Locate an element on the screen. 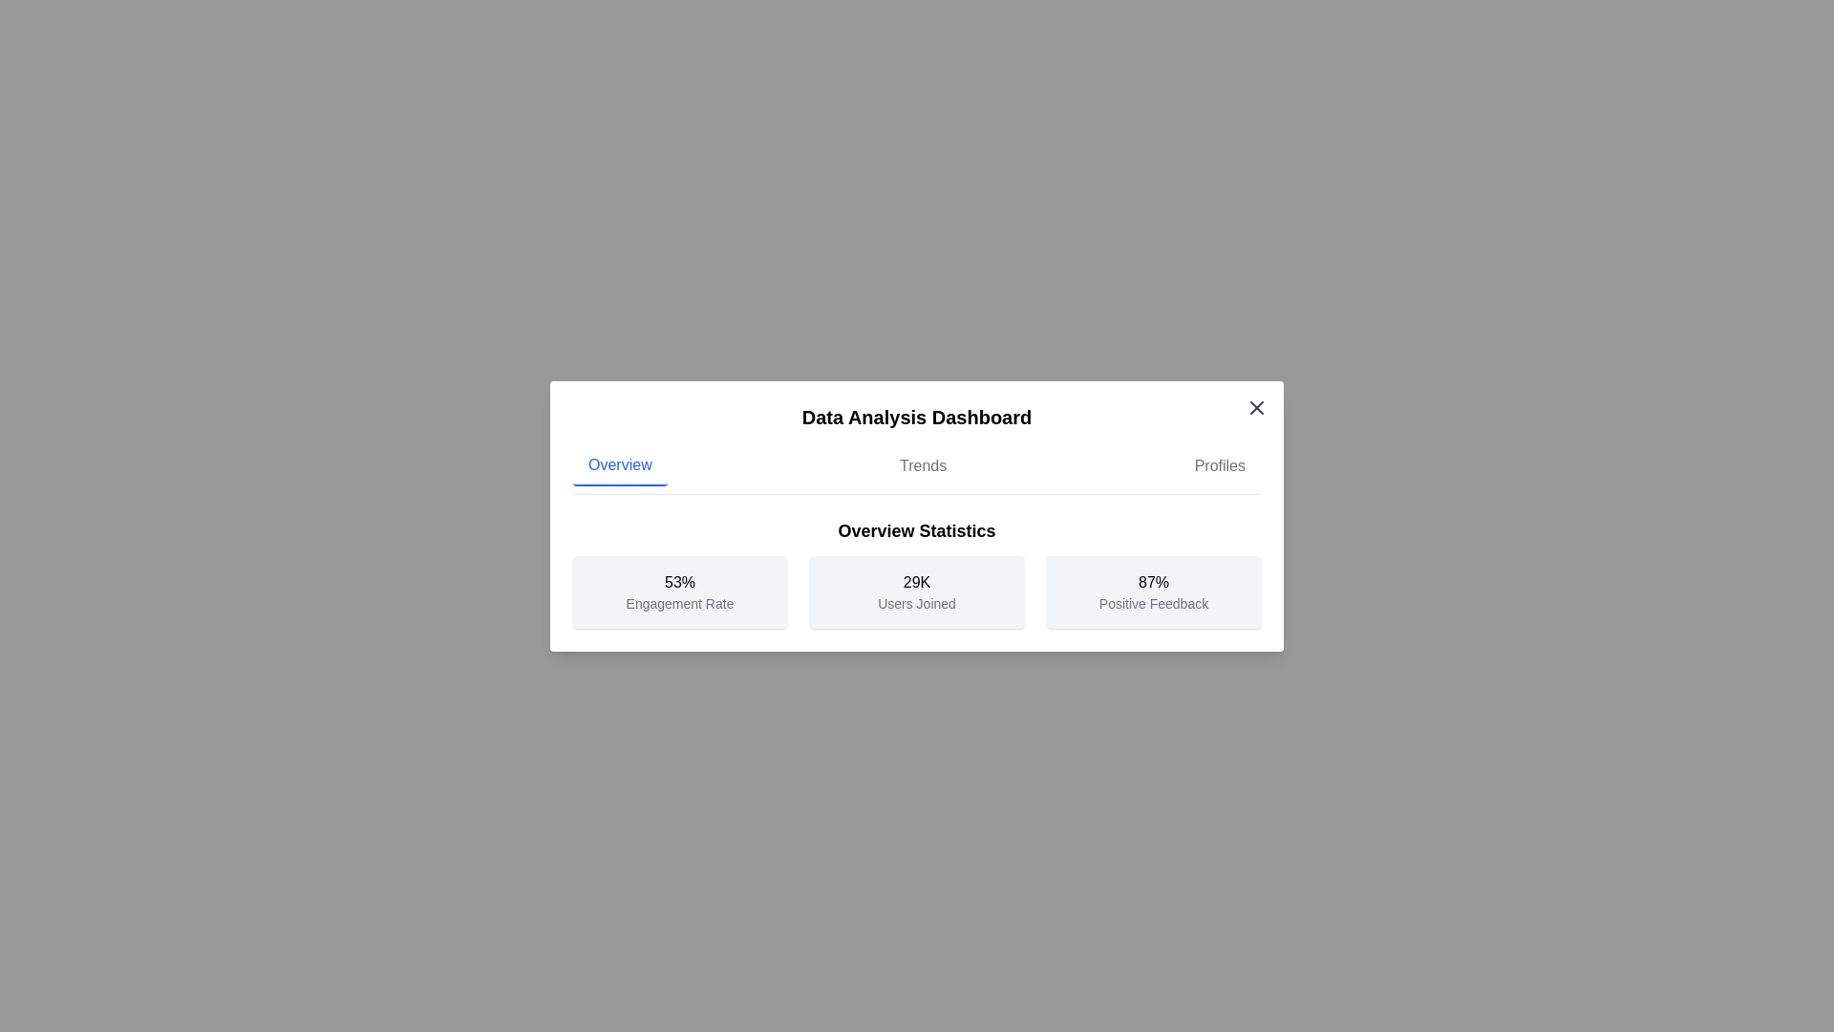 The width and height of the screenshot is (1834, 1032). the text label that provides context to the numeric value '29K', which indicates the count of users who have joined, located in the middle panel of the interface is located at coordinates (917, 603).